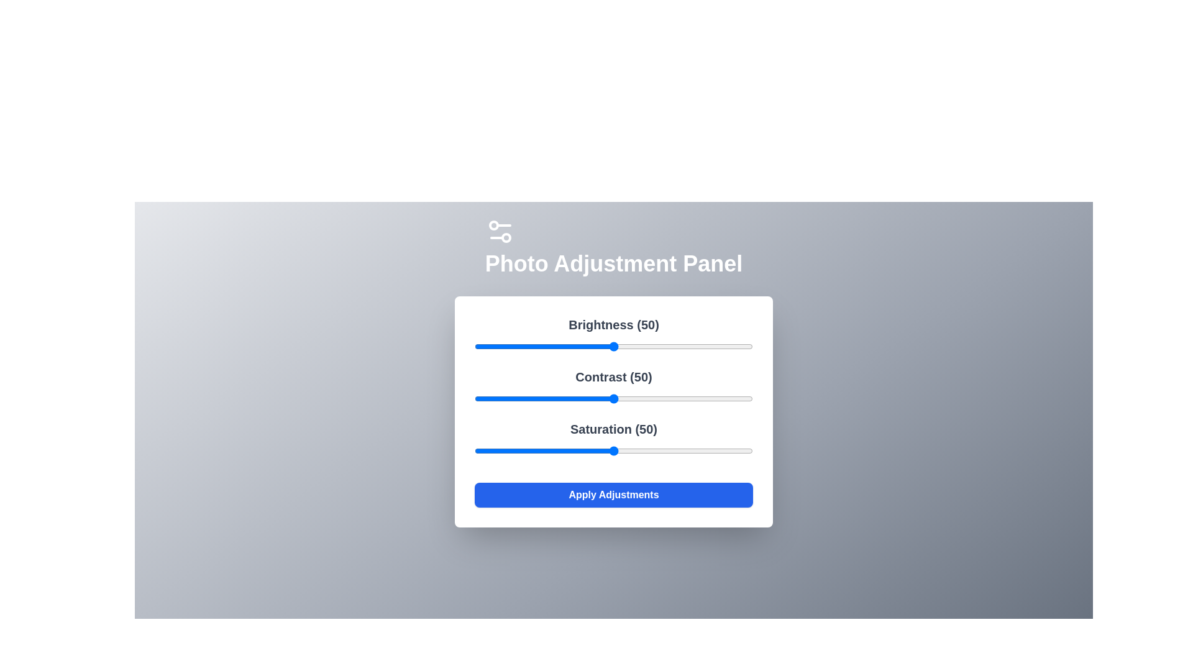  What do you see at coordinates (739, 347) in the screenshot?
I see `the 0 slider to 95` at bounding box center [739, 347].